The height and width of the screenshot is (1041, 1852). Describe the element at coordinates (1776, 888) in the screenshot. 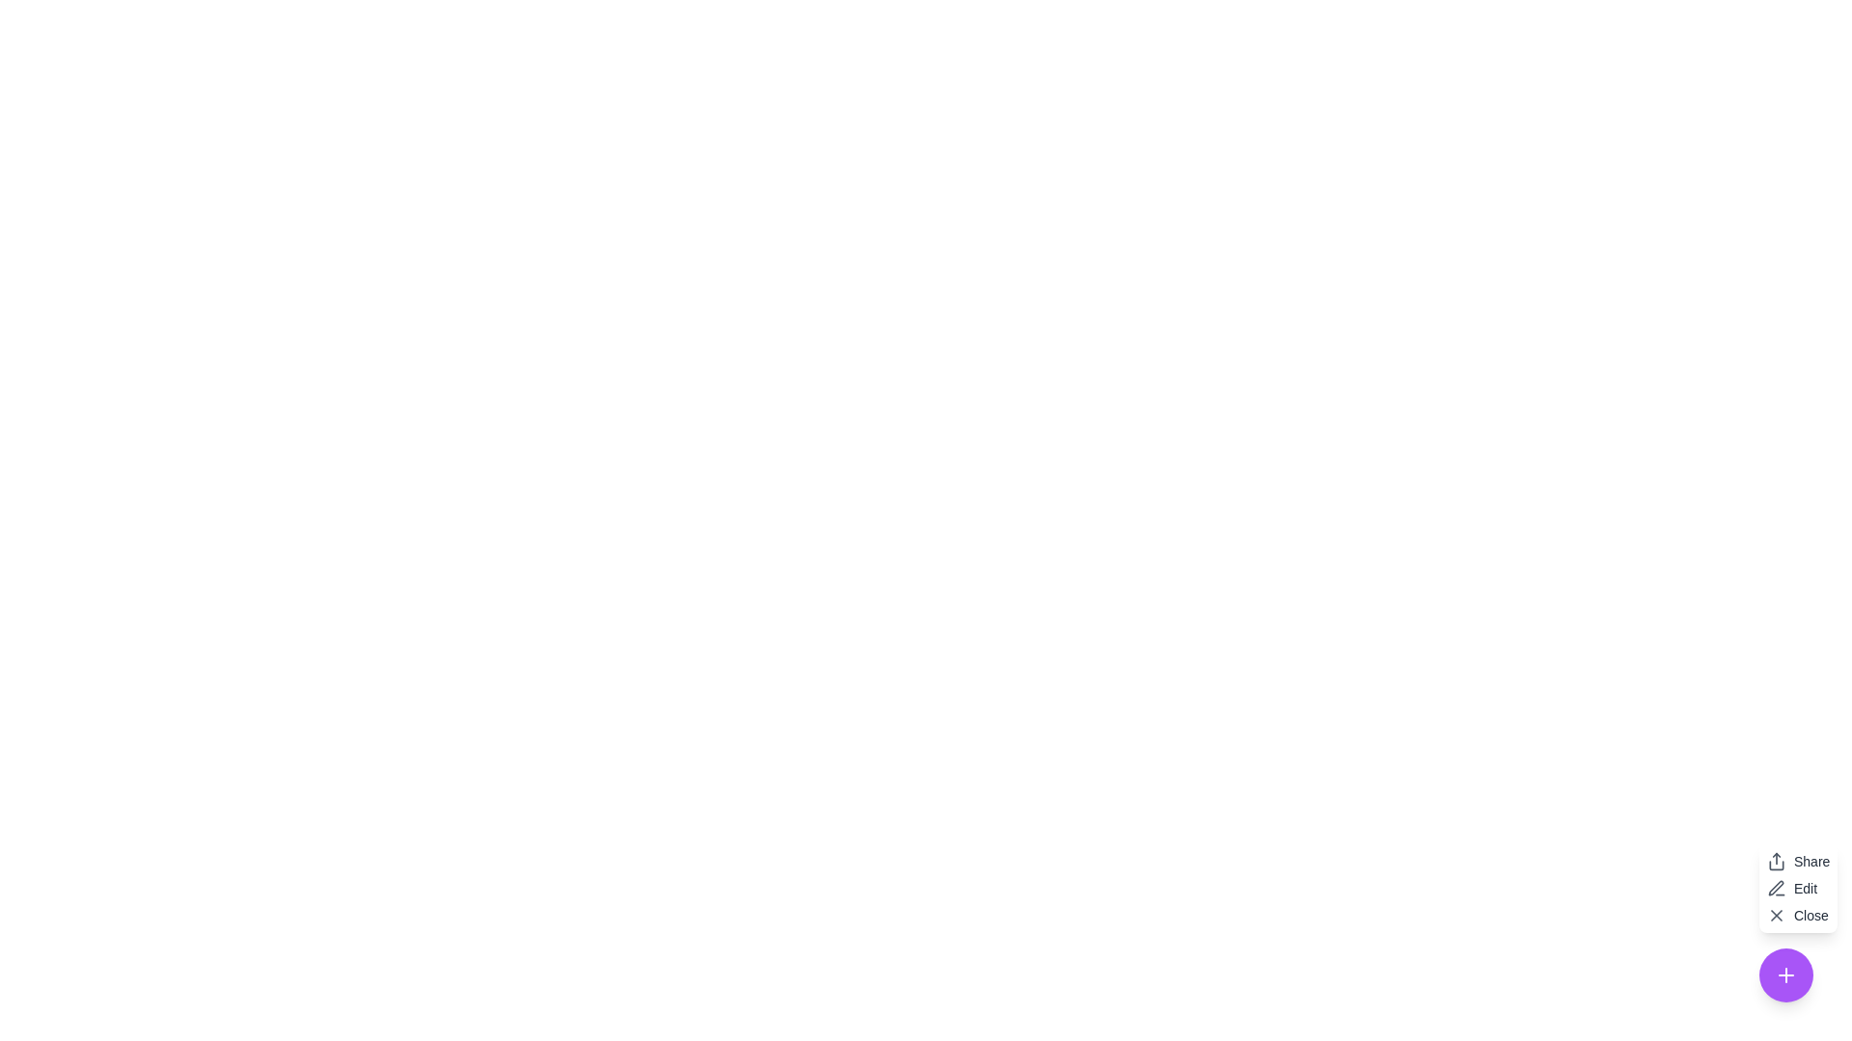

I see `the pen icon located on the left side of the 'Edit' text within the 'Edit' button group, which symbolizes editing functionality` at that location.